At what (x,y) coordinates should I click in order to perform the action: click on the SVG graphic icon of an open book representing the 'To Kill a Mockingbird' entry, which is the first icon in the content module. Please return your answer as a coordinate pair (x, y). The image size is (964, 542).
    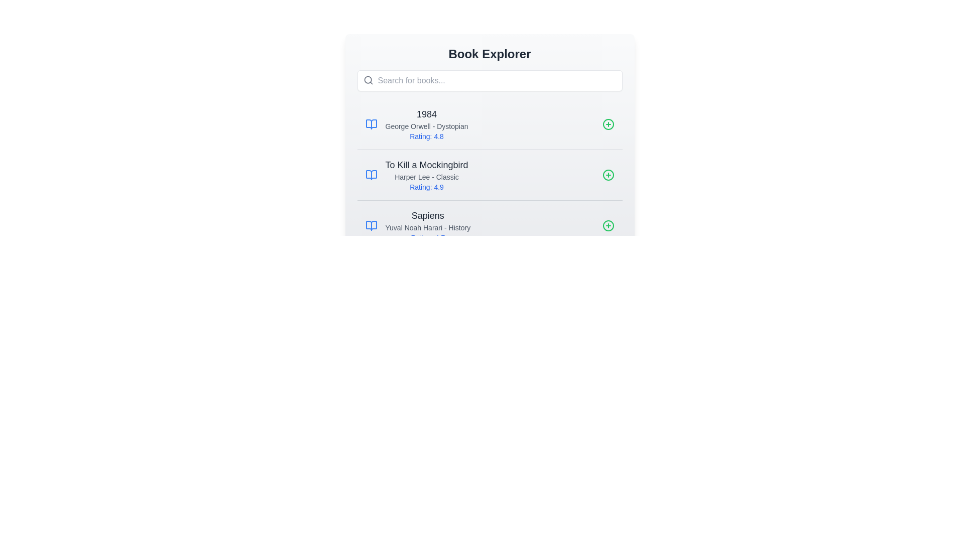
    Looking at the image, I should click on (371, 174).